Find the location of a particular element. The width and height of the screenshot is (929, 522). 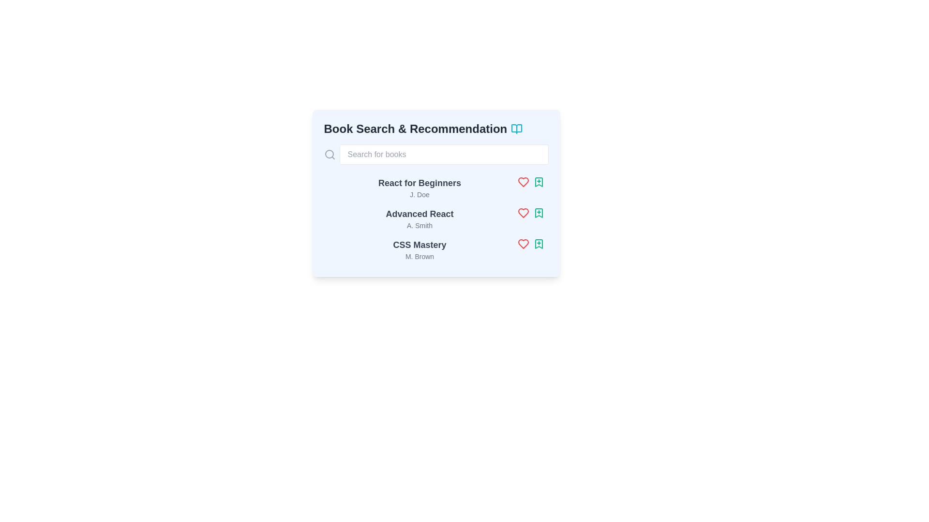

the Icon Group next to 'Advanced React' and 'A. Smith' which includes a red heart icon and a green bookmark icon is located at coordinates (530, 212).